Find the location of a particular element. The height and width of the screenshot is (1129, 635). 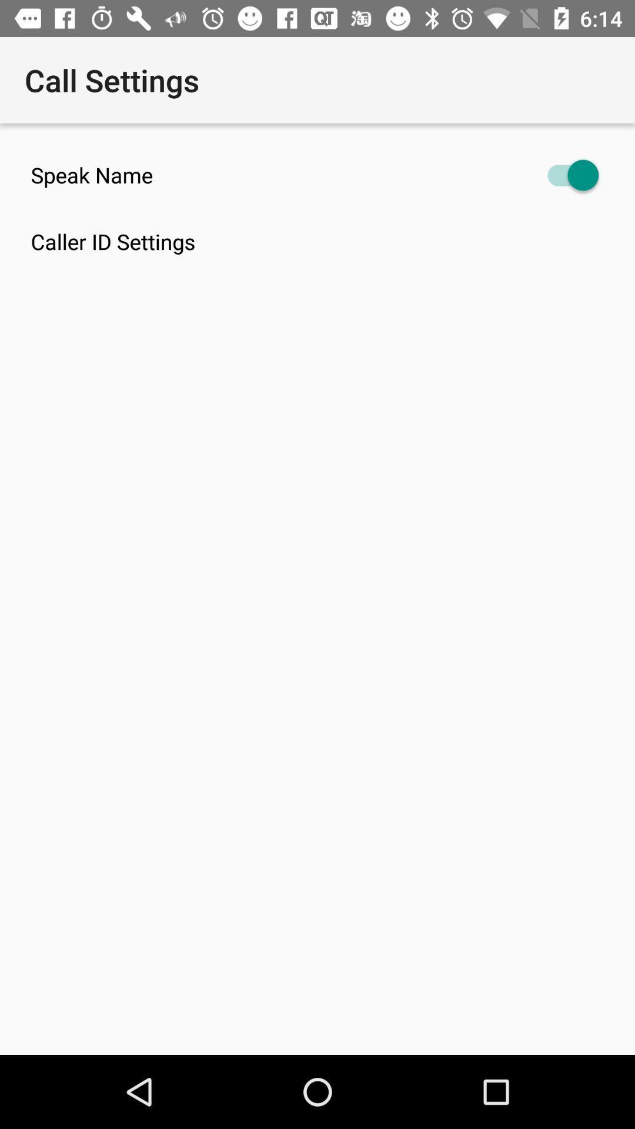

the item below the call settings item is located at coordinates (317, 175).